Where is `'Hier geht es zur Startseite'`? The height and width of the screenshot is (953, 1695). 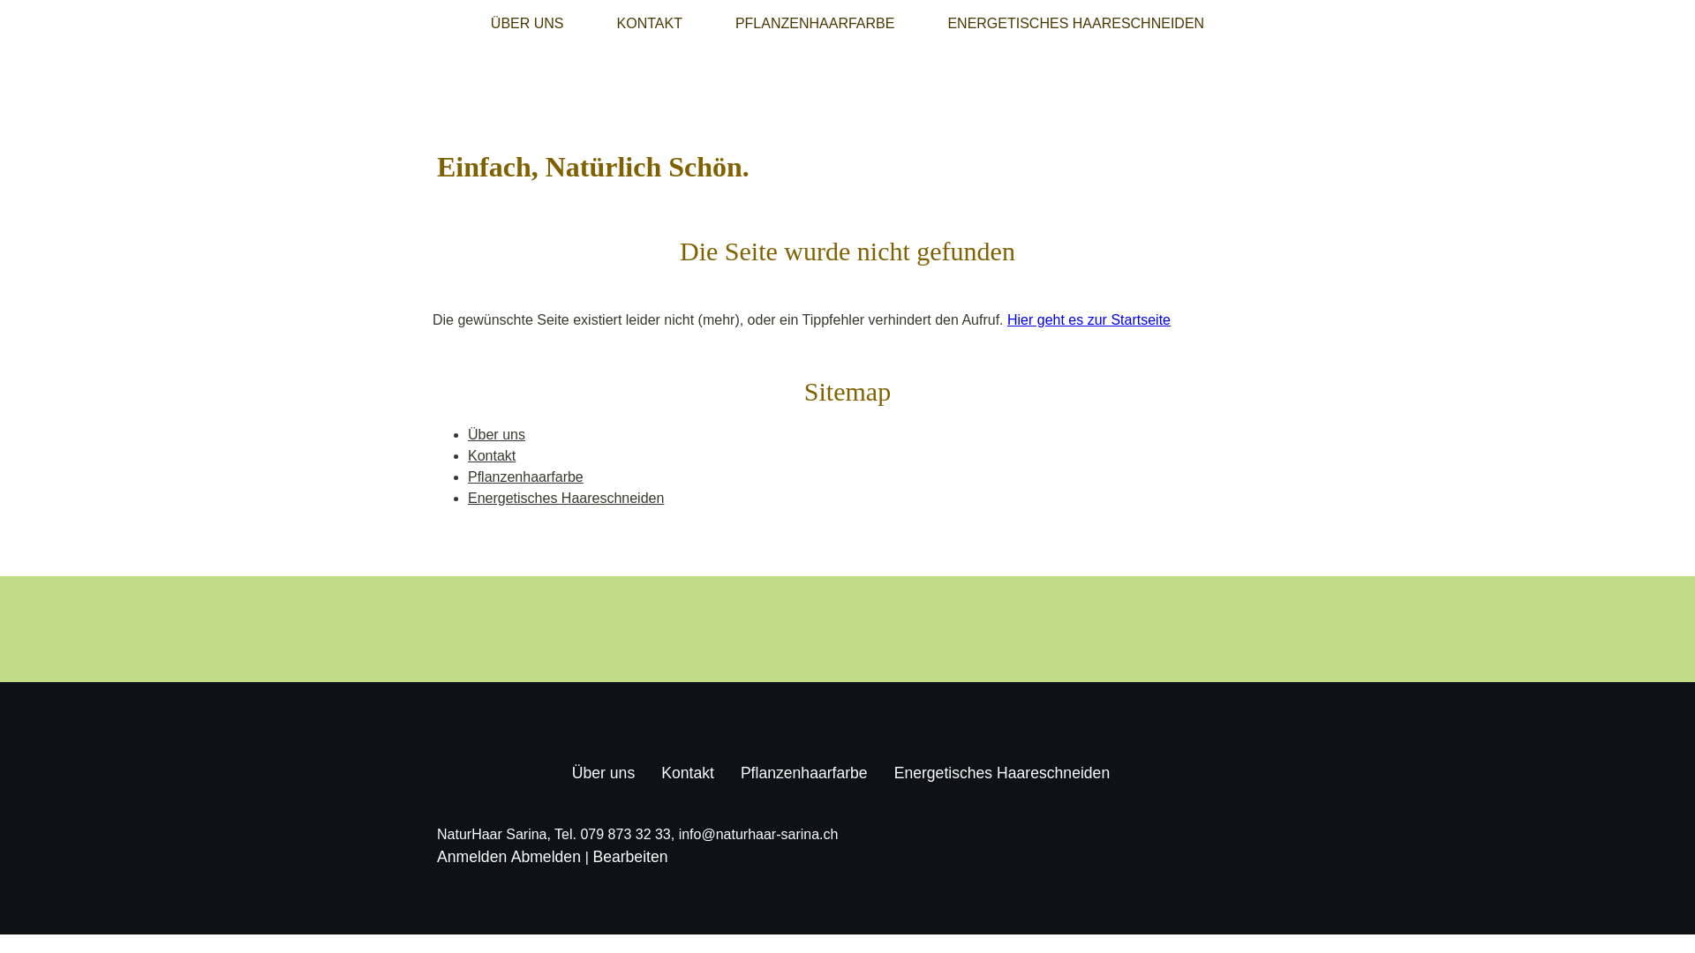 'Hier geht es zur Startseite' is located at coordinates (1088, 319).